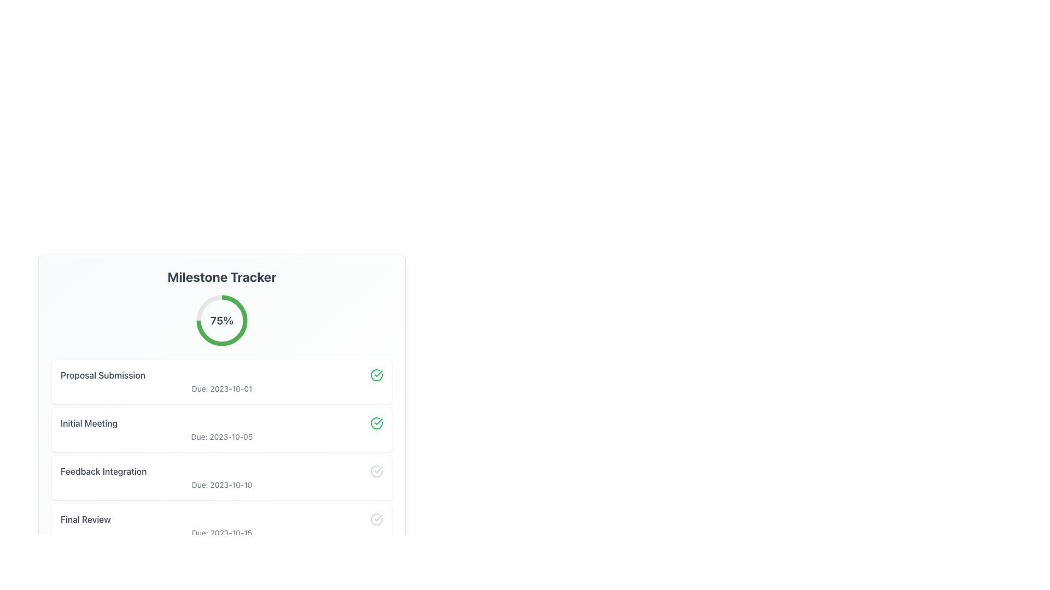 The image size is (1050, 590). Describe the element at coordinates (221, 320) in the screenshot. I see `the Circular Progress Indicator, which visually represents a completion percentage of 75% and is located above the first list item titled 'Proposal Submission' in the 'Milestone Tracker.'` at that location.